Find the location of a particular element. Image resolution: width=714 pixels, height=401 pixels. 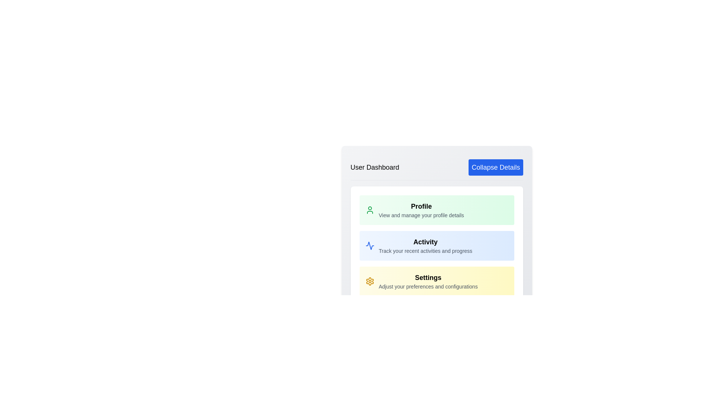

the bold 'Profile' label, which is styled with a larger font size in black on a light green background, serving as the heading for a section in a card layout is located at coordinates (421, 206).